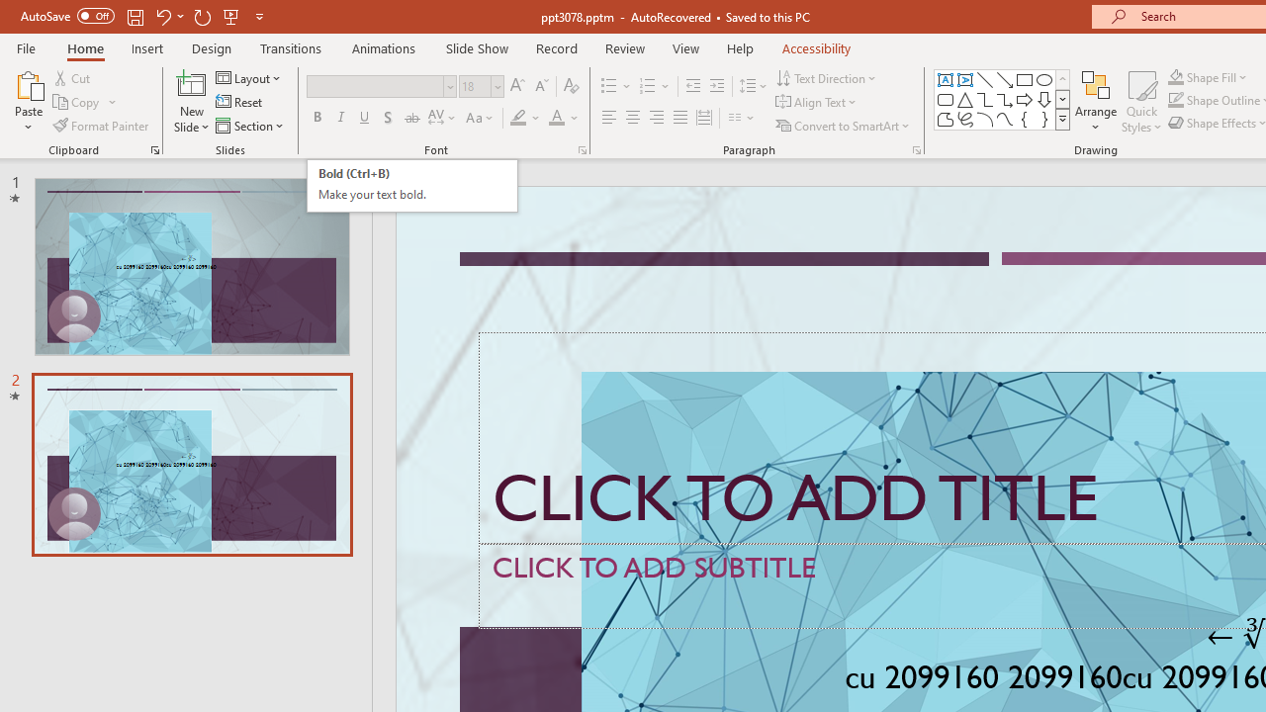 The image size is (1266, 712). I want to click on 'Reset', so click(239, 102).